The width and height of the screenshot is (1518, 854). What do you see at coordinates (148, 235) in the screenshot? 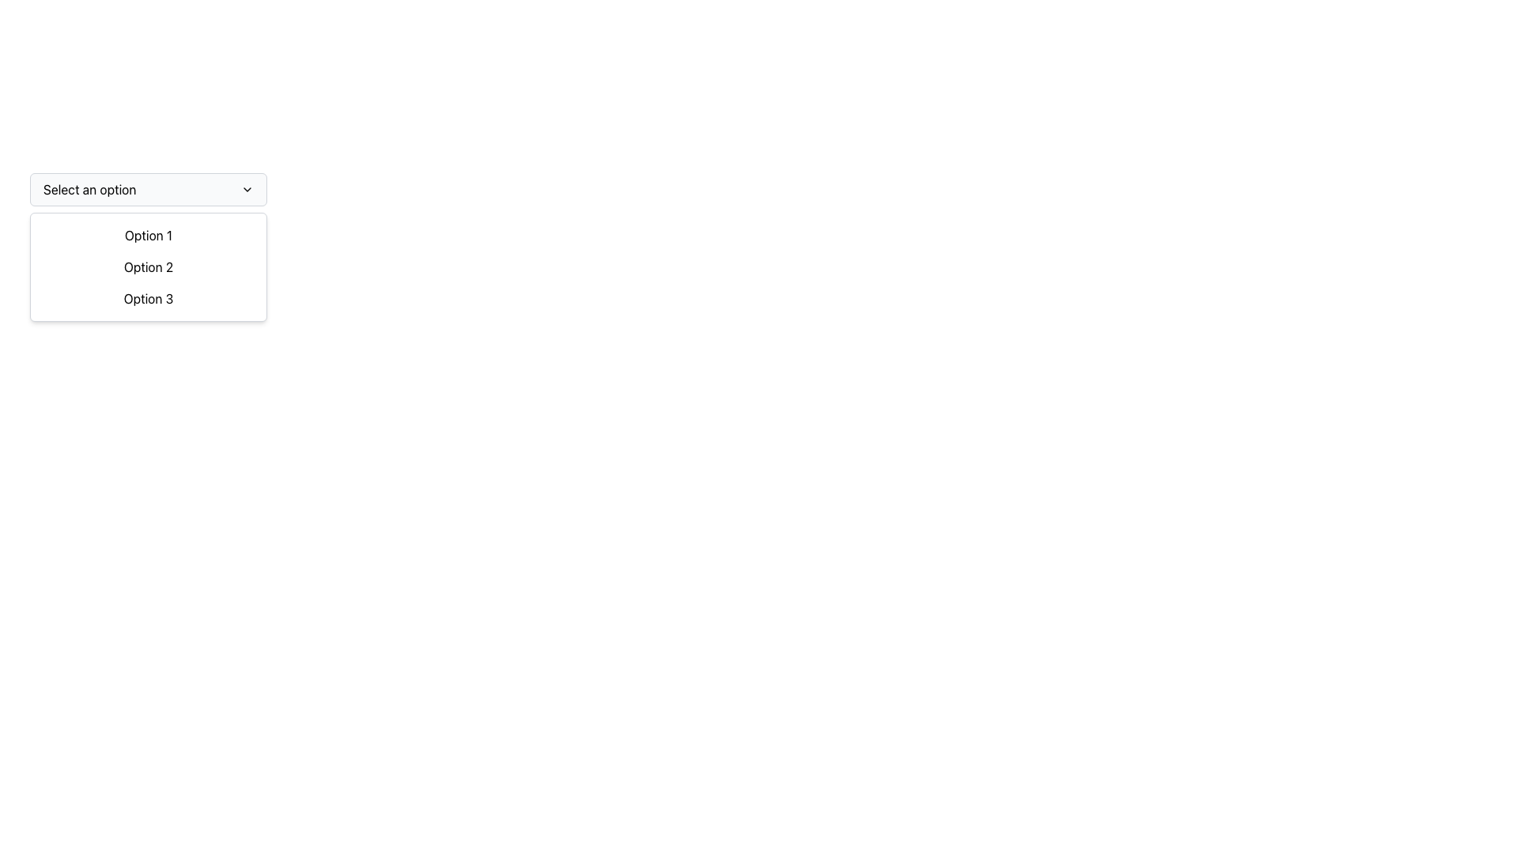
I see `the dropdown menu item labeled 'Option 1' to trigger its hover state` at bounding box center [148, 235].